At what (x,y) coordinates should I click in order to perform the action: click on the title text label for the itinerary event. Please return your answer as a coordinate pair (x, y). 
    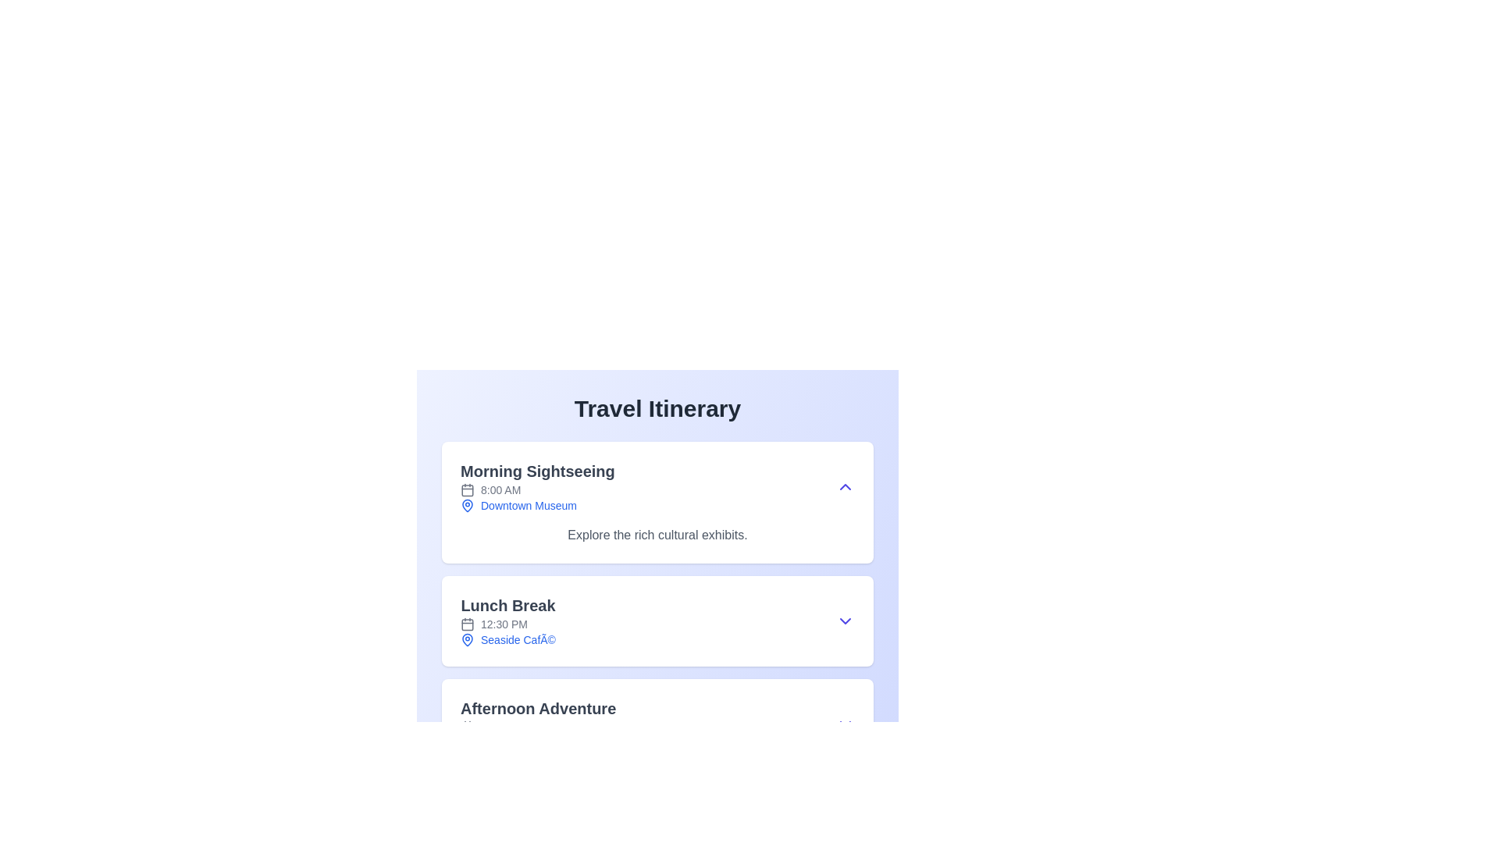
    Looking at the image, I should click on (538, 708).